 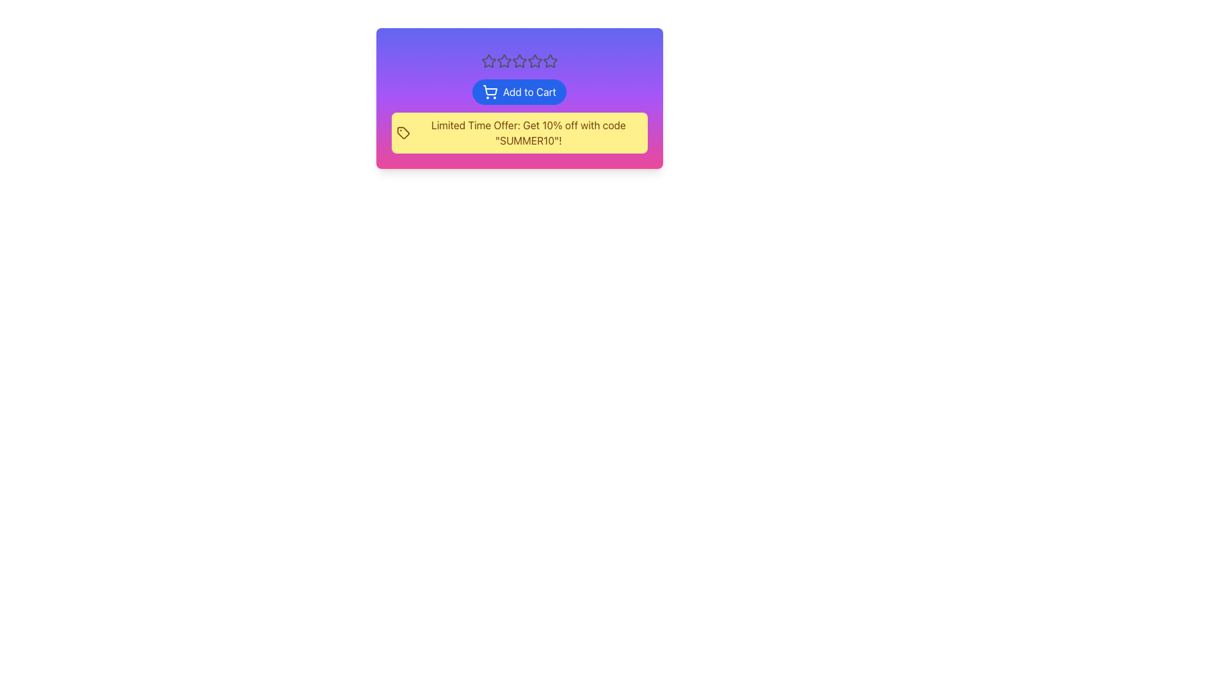 What do you see at coordinates (519, 61) in the screenshot?
I see `the fourth star-shaped rating icon, which is gray and hollow` at bounding box center [519, 61].